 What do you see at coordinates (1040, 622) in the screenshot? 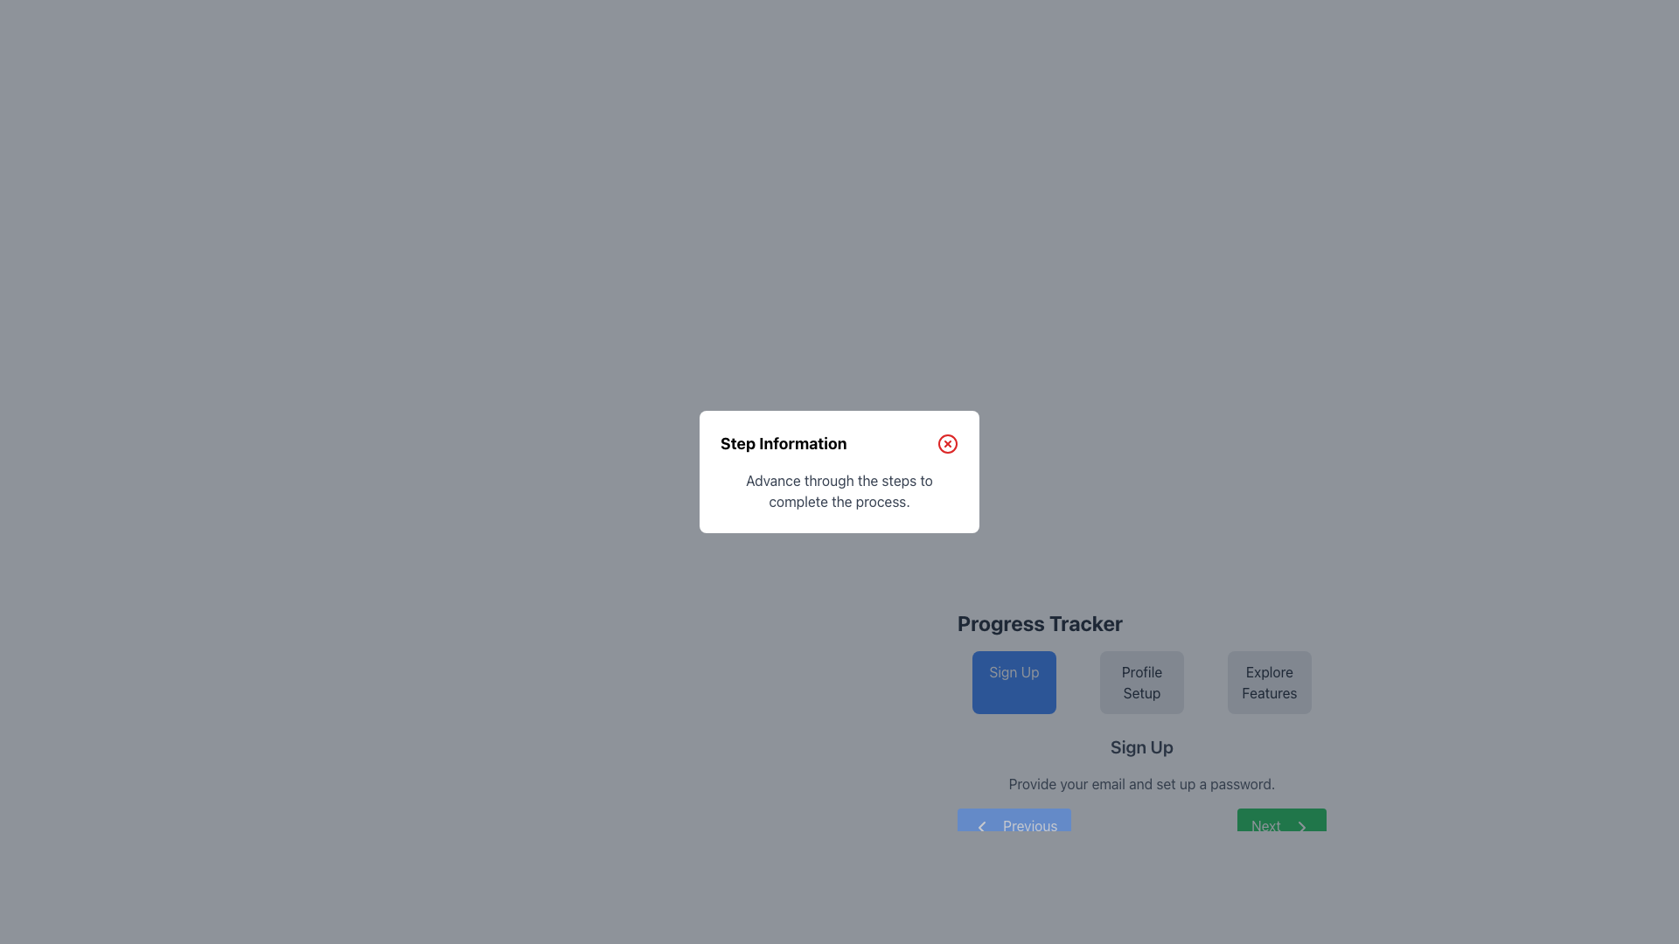
I see `Text Label that serves as the title or header indicating the current section of the interface related to tracking progress, located in the top-right quadrant above the buttons 'Sign Up', 'Profile Setup', and 'Explore Features'` at bounding box center [1040, 622].